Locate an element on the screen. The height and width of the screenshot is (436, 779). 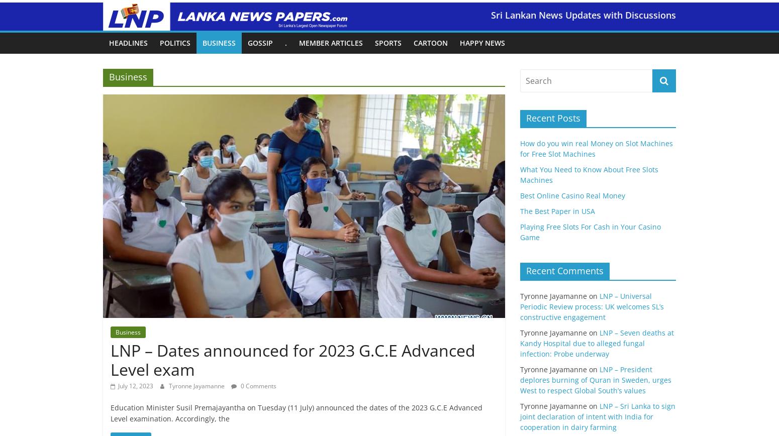
'July 12, 2023' is located at coordinates (136, 386).